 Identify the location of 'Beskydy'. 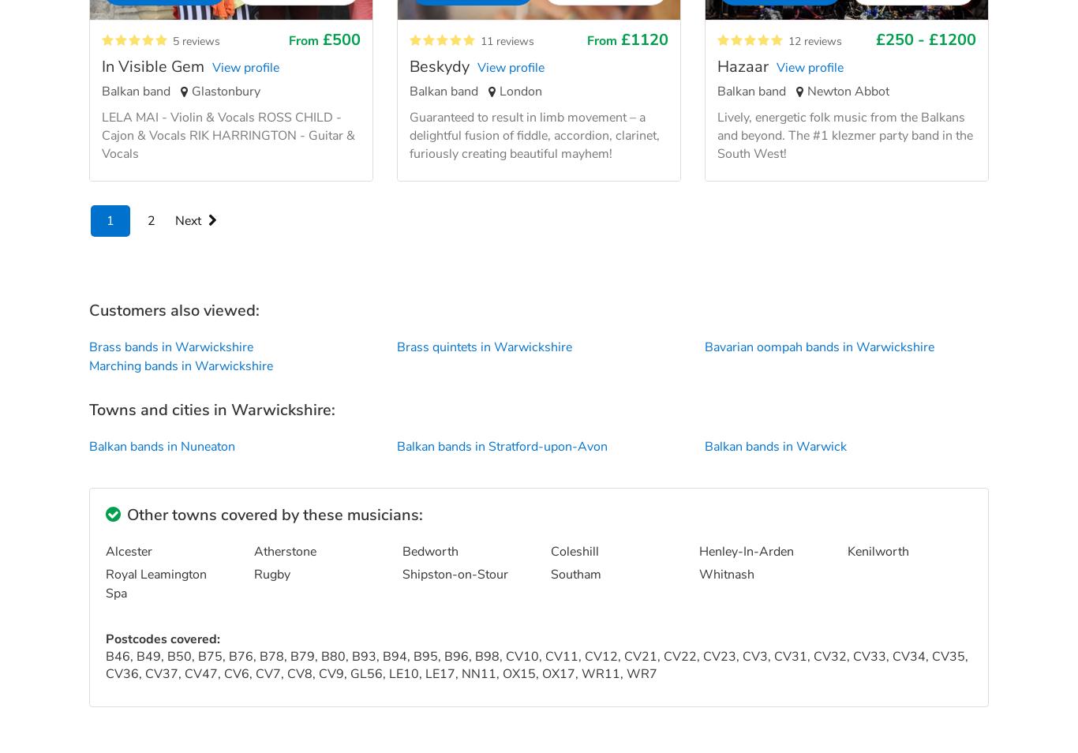
(409, 66).